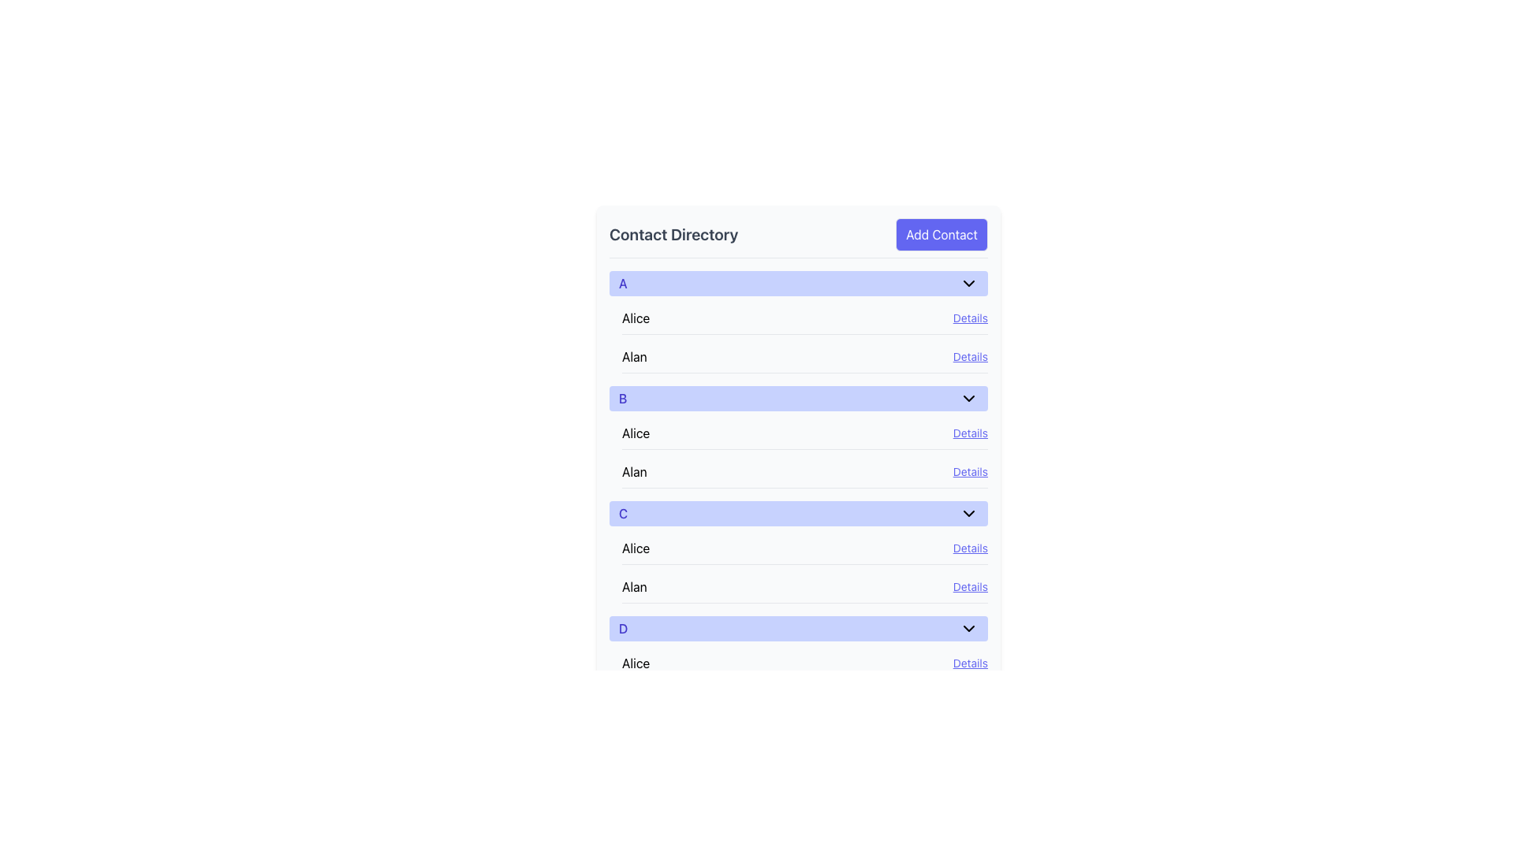 The height and width of the screenshot is (851, 1514). Describe the element at coordinates (634, 586) in the screenshot. I see `the text label that reads 'Alan', which is positioned next to the 'Details' link in a horizontal layout under the 'C' header` at that location.